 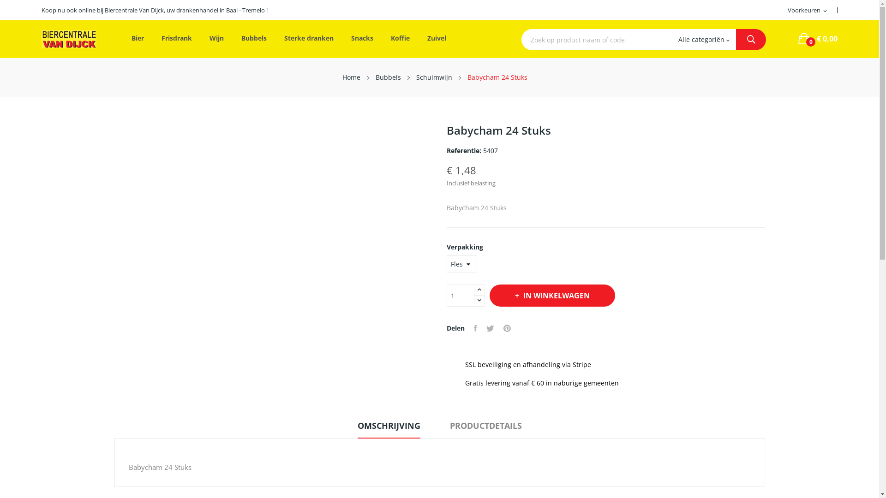 What do you see at coordinates (137, 38) in the screenshot?
I see `'Bier'` at bounding box center [137, 38].